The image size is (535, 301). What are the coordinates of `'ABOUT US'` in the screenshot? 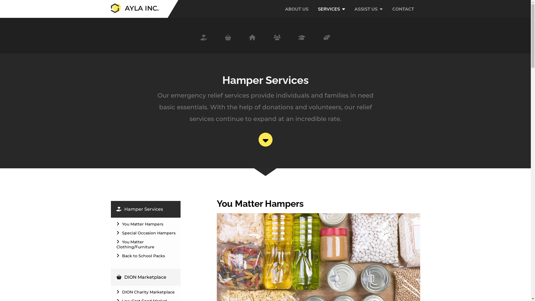 It's located at (296, 14).